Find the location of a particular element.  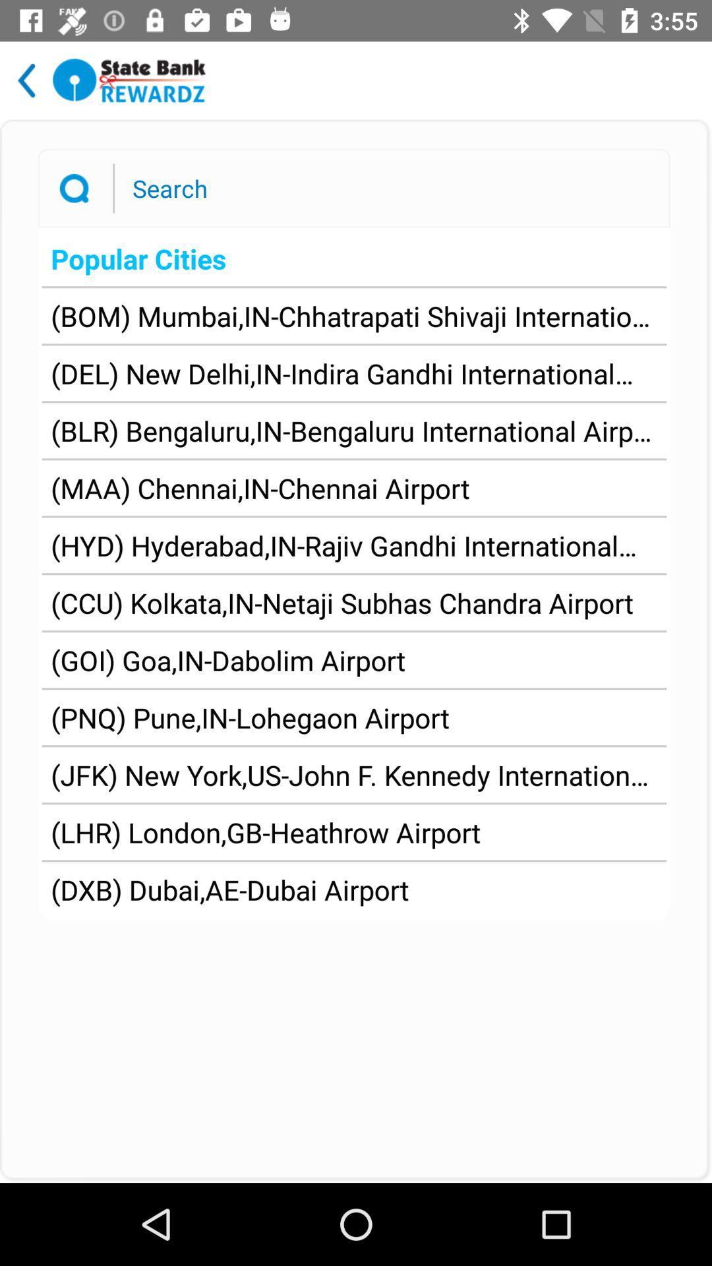

hyd hyderabad in app is located at coordinates (353, 545).